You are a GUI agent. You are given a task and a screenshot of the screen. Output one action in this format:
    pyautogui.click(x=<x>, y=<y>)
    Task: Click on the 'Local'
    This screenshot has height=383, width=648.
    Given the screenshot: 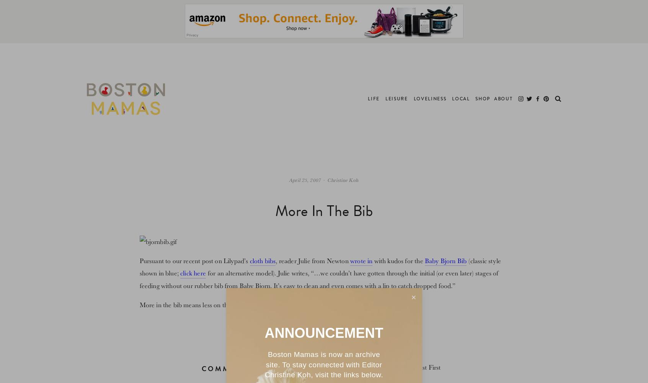 What is the action you would take?
    pyautogui.click(x=460, y=99)
    